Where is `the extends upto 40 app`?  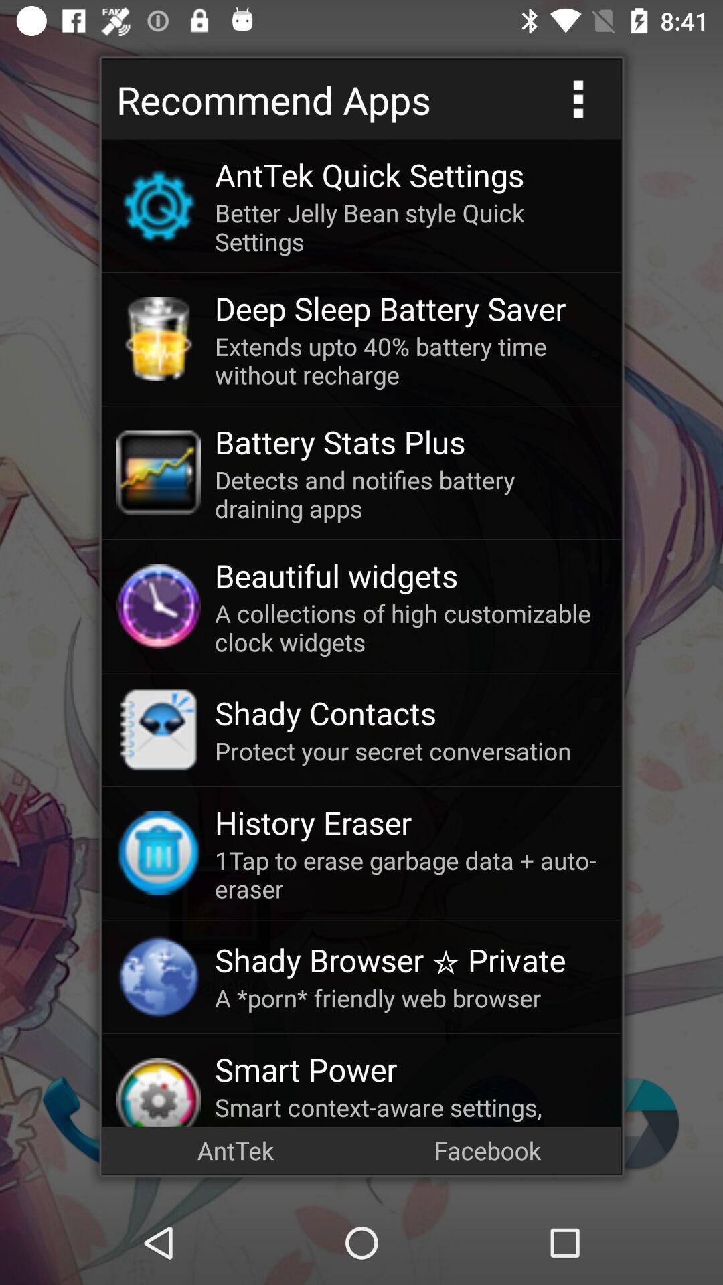 the extends upto 40 app is located at coordinates (410, 360).